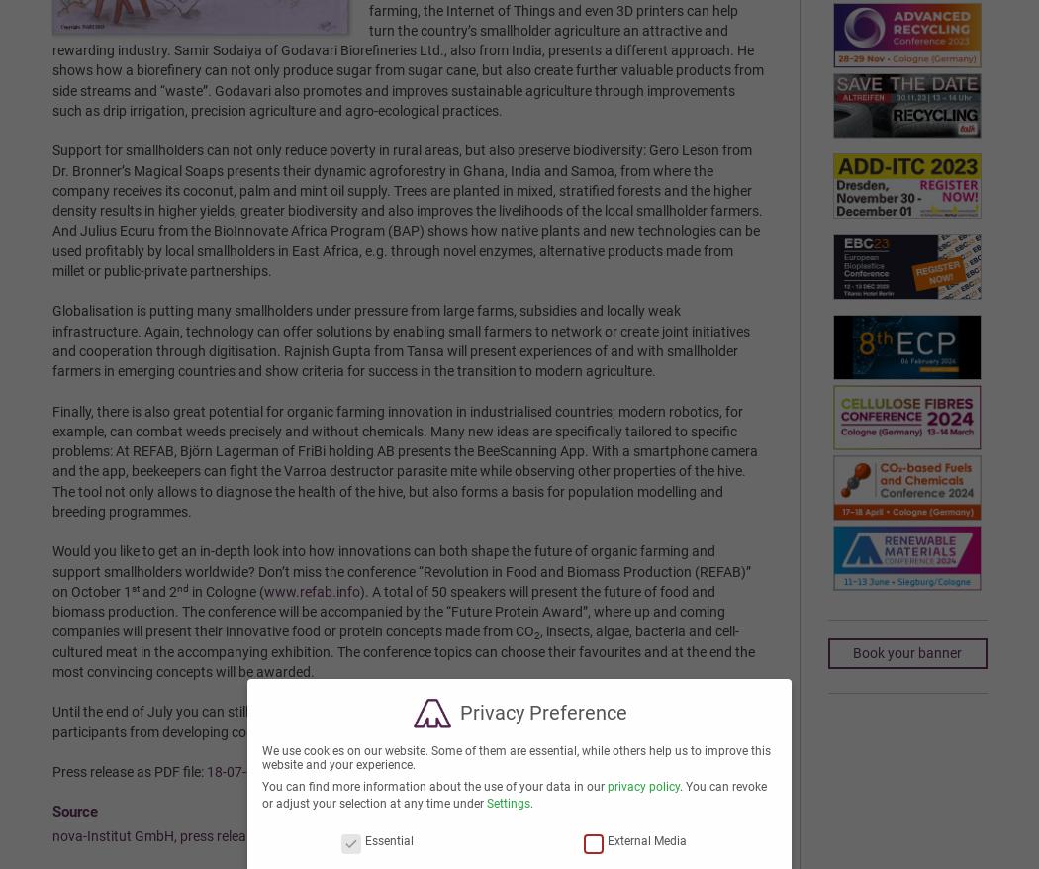 The height and width of the screenshot is (869, 1039). Describe the element at coordinates (156, 591) in the screenshot. I see `'and 2'` at that location.